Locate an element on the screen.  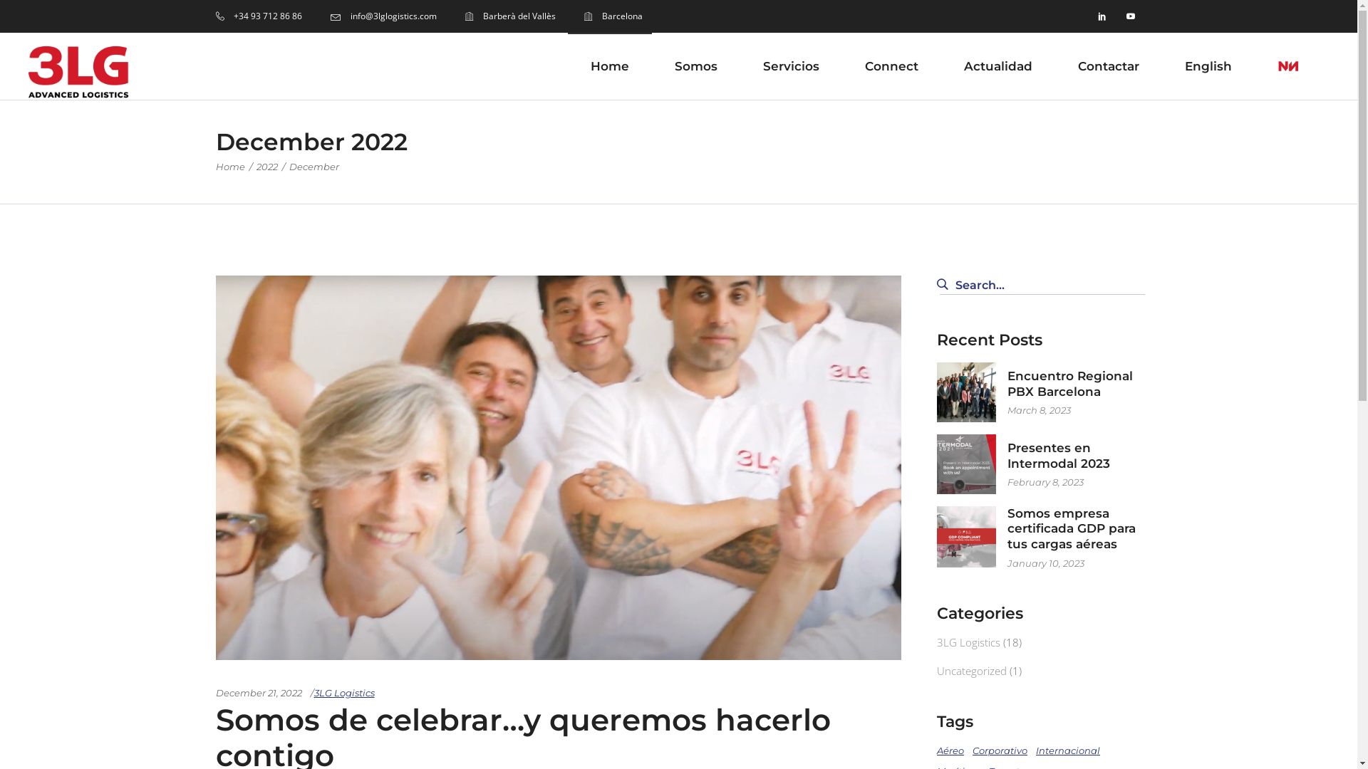
'January 10, 2023' is located at coordinates (1007, 562).